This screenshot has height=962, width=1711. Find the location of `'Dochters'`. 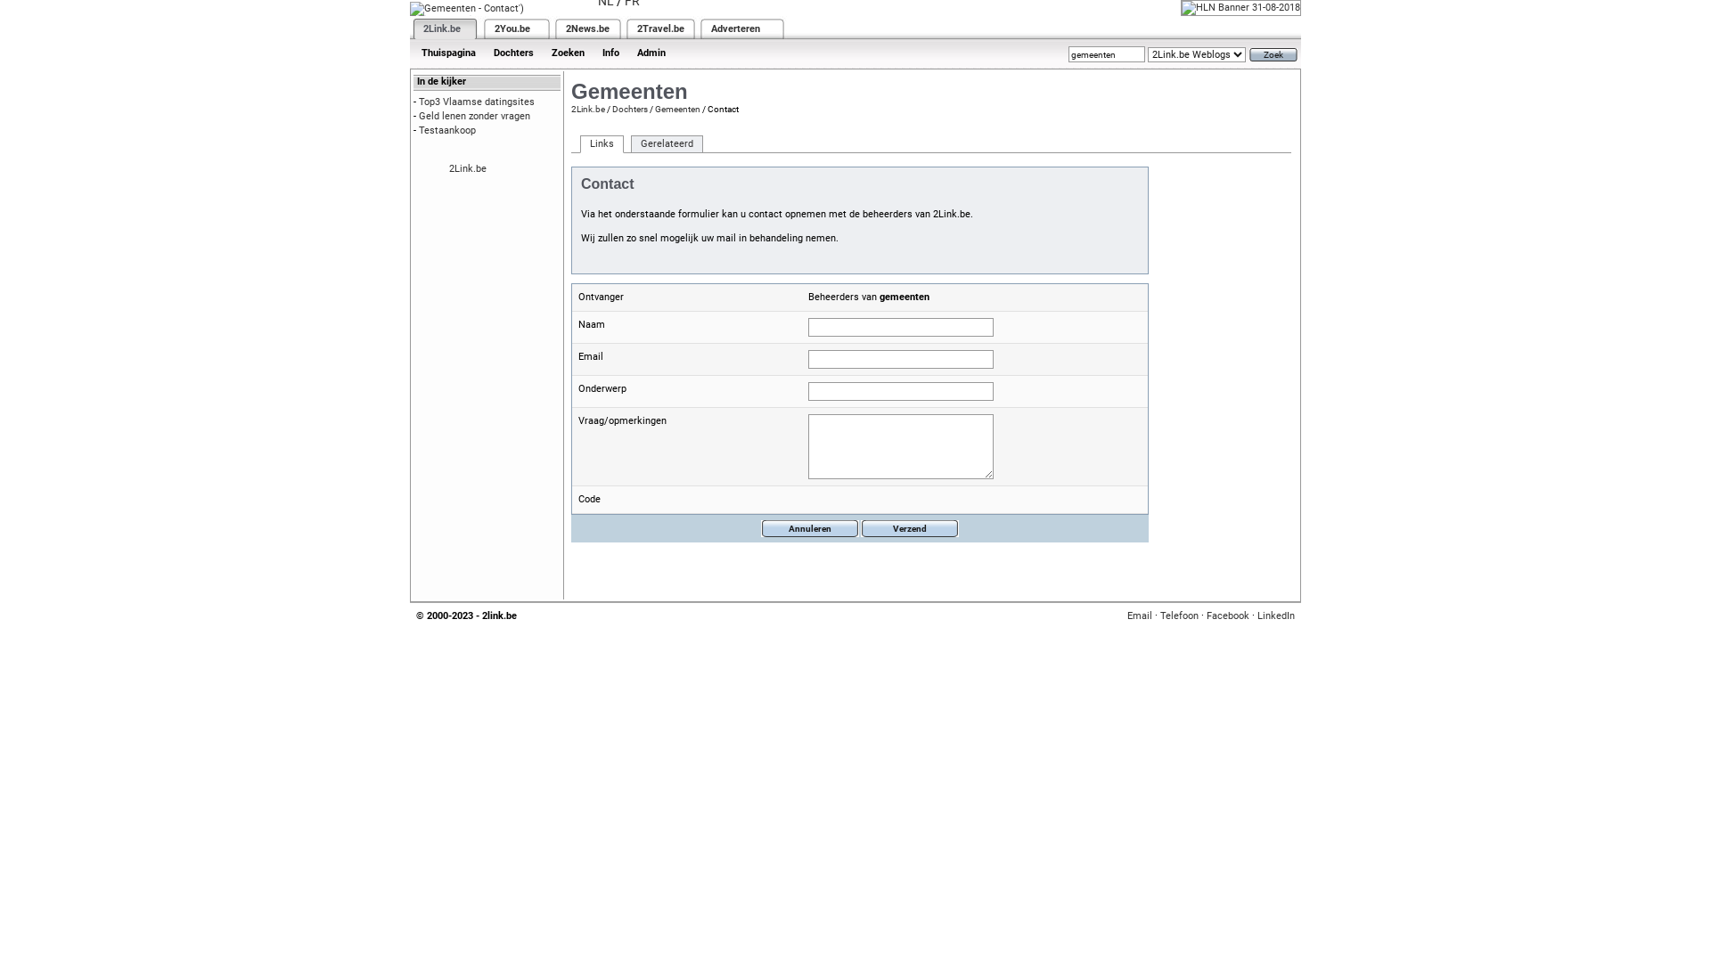

'Dochters' is located at coordinates (611, 109).